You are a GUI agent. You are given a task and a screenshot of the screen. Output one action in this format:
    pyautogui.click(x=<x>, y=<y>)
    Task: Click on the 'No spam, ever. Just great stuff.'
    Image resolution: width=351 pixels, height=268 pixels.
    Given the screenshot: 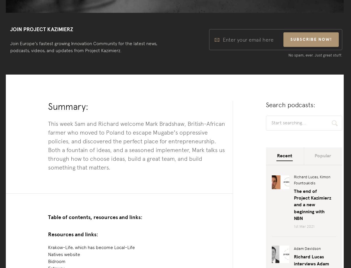 What is the action you would take?
    pyautogui.click(x=315, y=54)
    